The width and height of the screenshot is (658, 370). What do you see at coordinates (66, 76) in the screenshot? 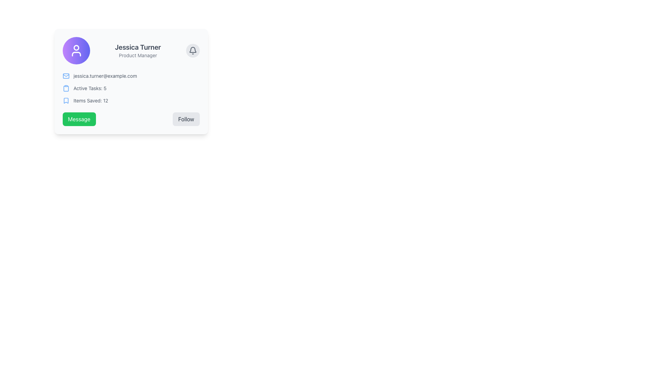
I see `the email icon located to the left of the text 'jessica.turner@example.com', which visually indicates the purpose of the email address` at bounding box center [66, 76].